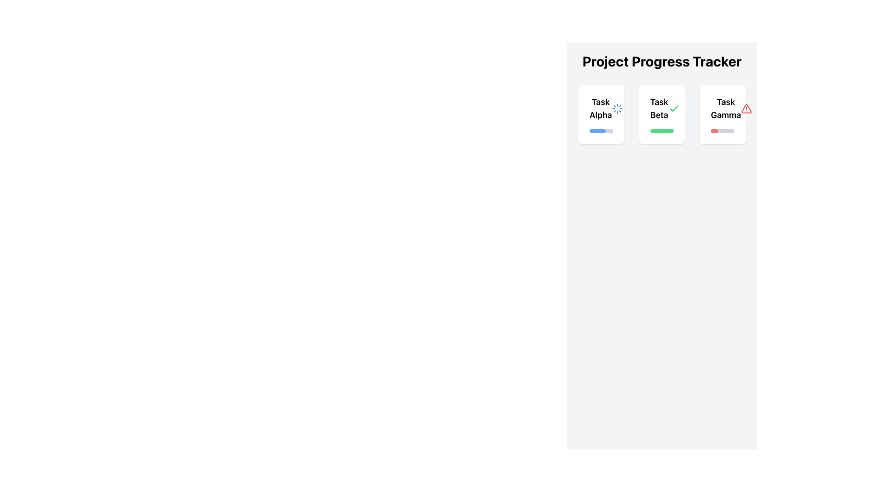 The image size is (892, 502). Describe the element at coordinates (674, 108) in the screenshot. I see `the green checkmark icon located under the label 'Task Beta'` at that location.